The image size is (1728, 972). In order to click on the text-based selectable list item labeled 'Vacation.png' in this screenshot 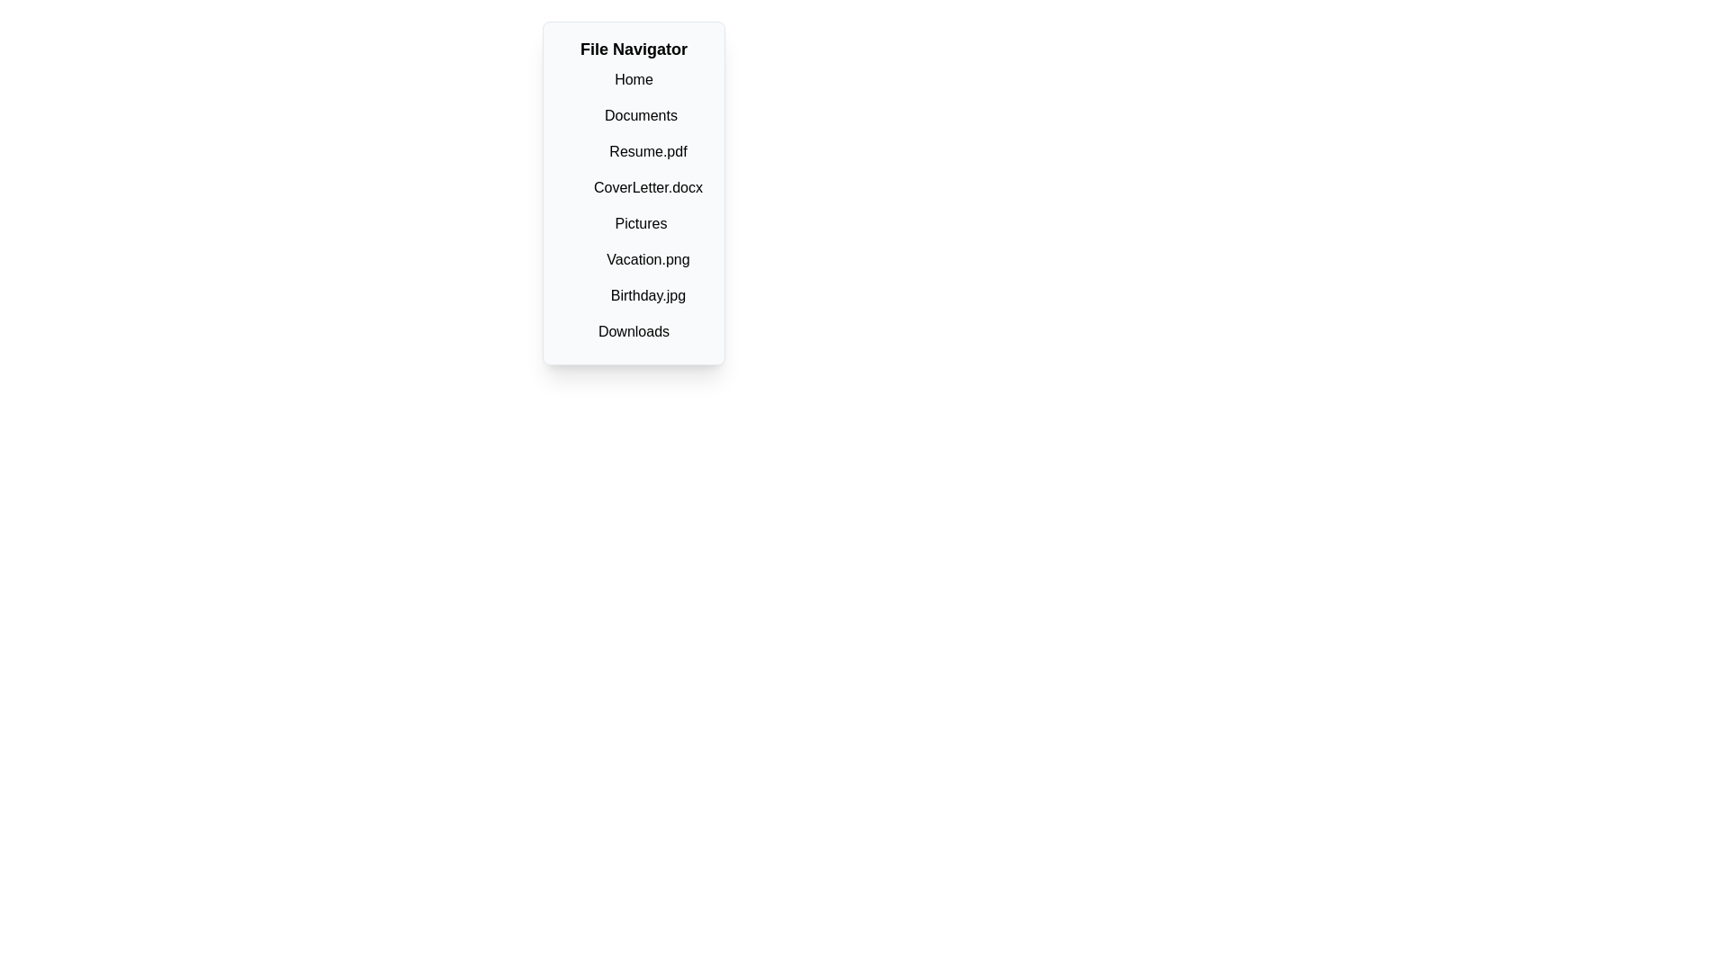, I will do `click(648, 260)`.